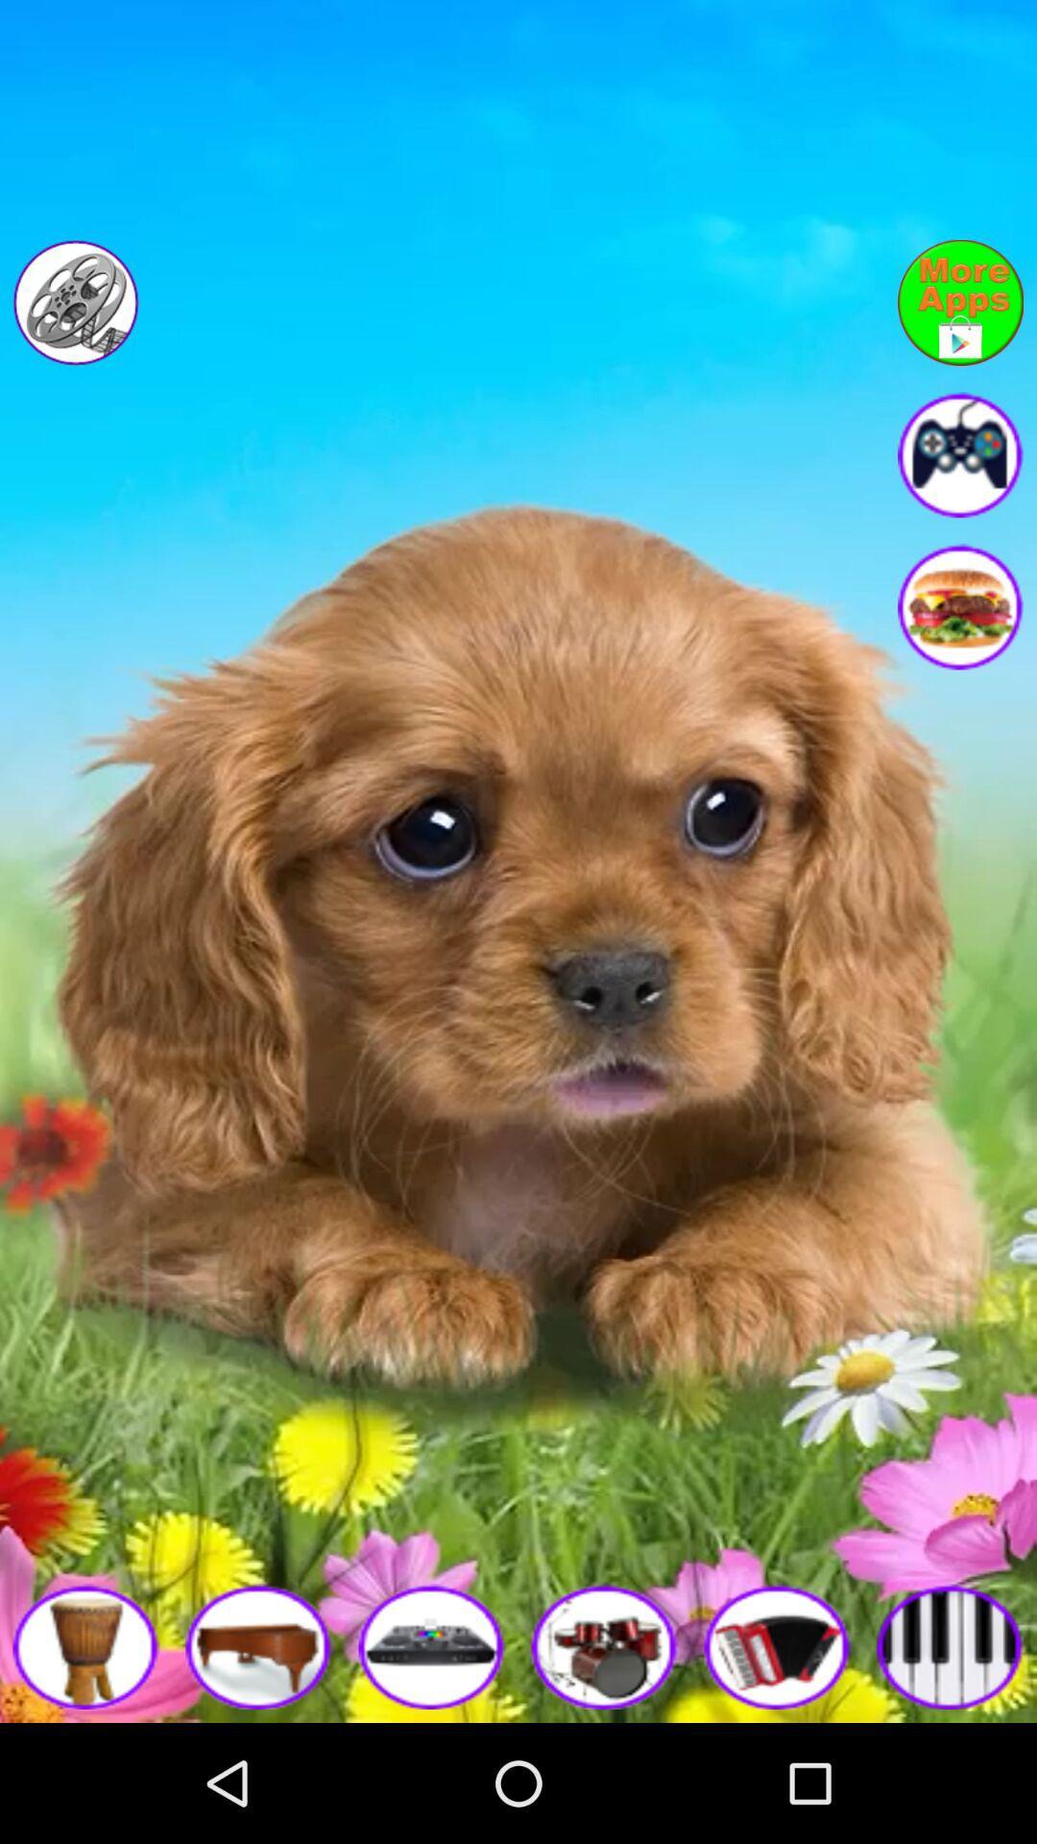 The height and width of the screenshot is (1844, 1037). I want to click on music, so click(778, 1645).